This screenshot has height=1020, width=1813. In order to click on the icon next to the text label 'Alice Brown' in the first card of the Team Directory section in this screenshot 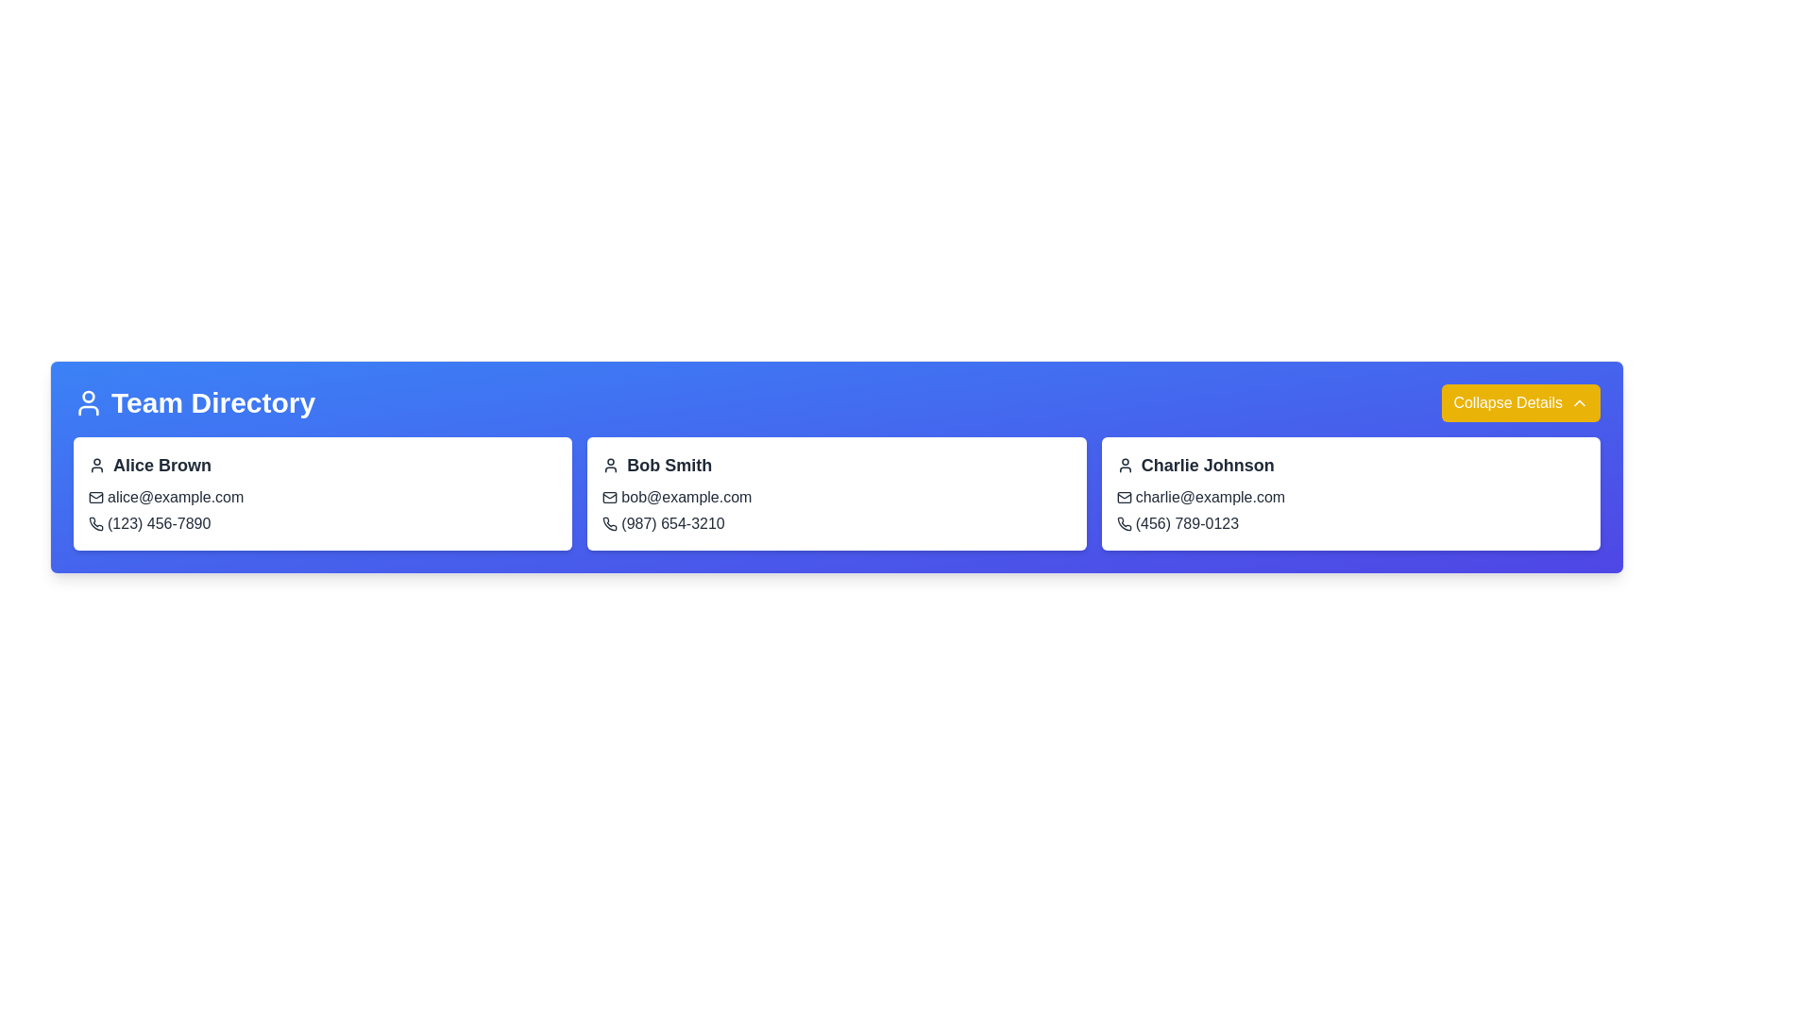, I will do `click(148, 466)`.